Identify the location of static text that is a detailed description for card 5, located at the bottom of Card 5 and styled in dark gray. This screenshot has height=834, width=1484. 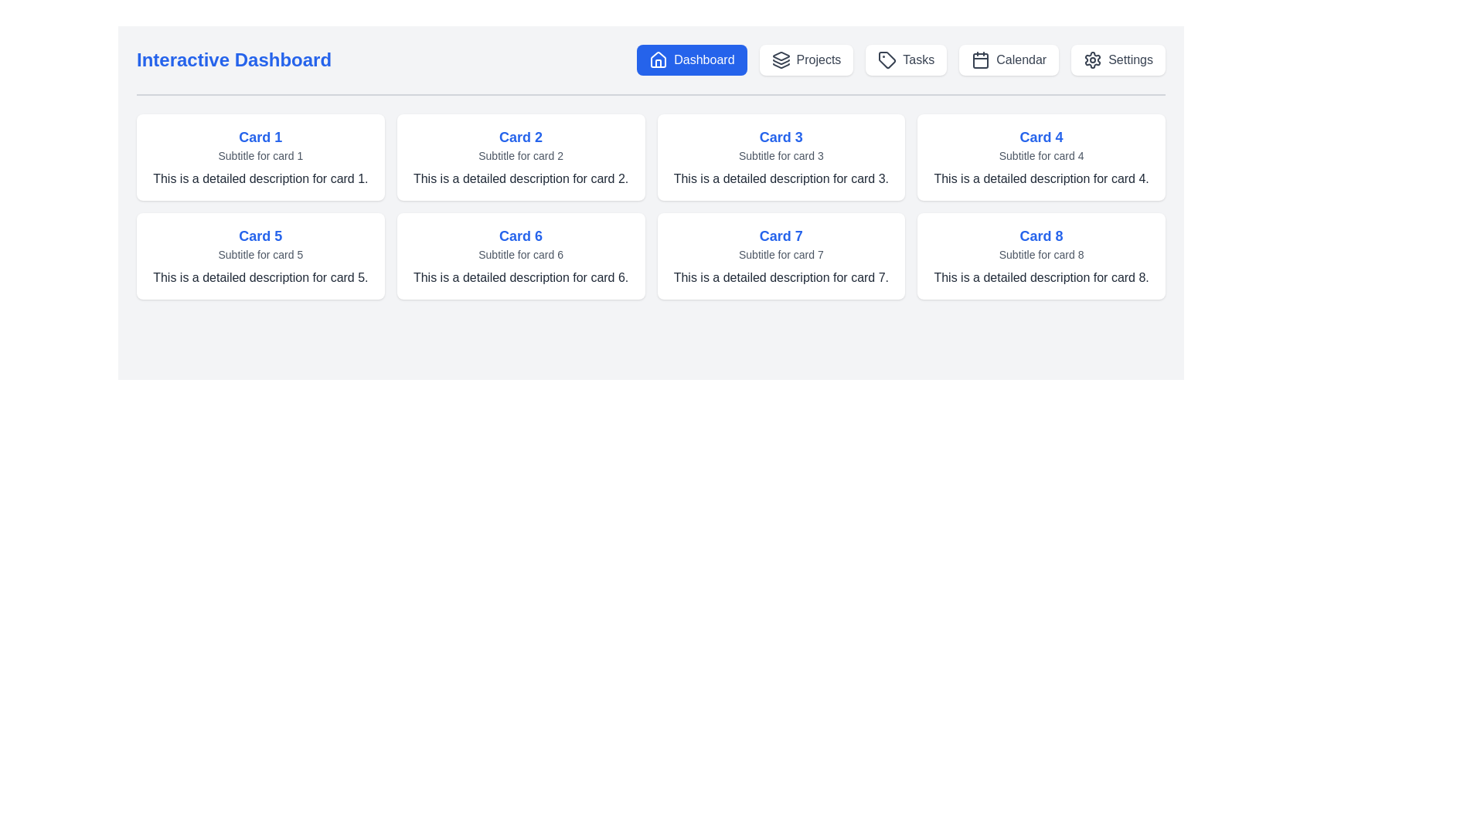
(260, 276).